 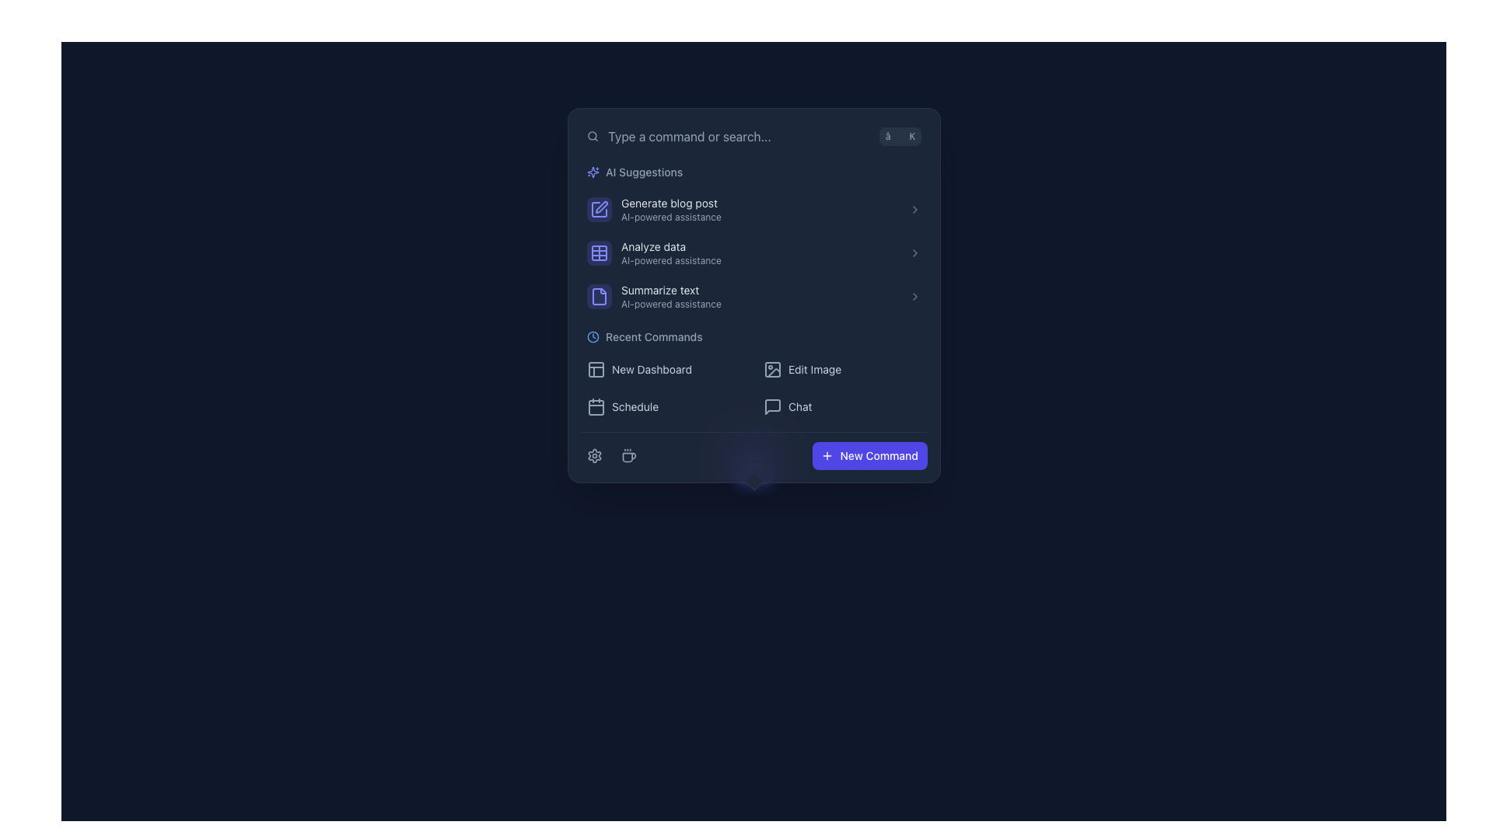 What do you see at coordinates (760, 218) in the screenshot?
I see `the text label that provides supplementary information explaining that the 'Generate blog post' functionality is supported by AI, located below 'Generate blog post' in the second item of the AI Suggestions list` at bounding box center [760, 218].